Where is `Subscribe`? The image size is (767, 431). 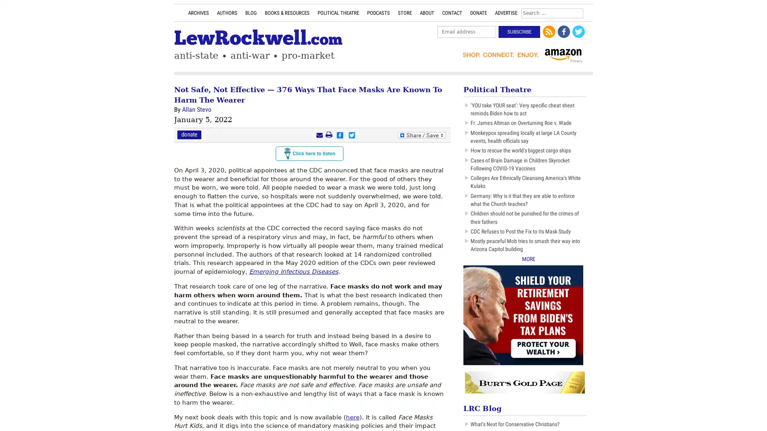 Subscribe is located at coordinates (519, 32).